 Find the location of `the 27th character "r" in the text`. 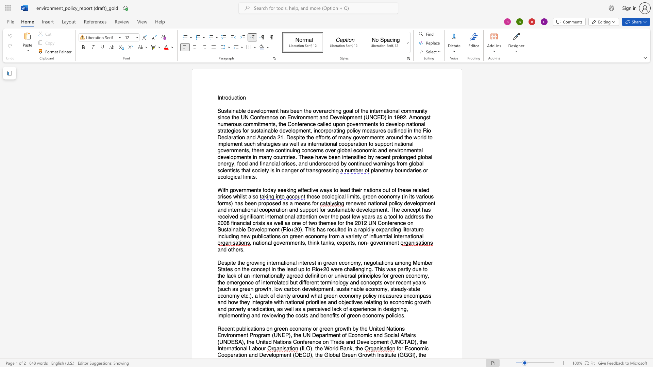

the 27th character "r" in the text is located at coordinates (296, 295).